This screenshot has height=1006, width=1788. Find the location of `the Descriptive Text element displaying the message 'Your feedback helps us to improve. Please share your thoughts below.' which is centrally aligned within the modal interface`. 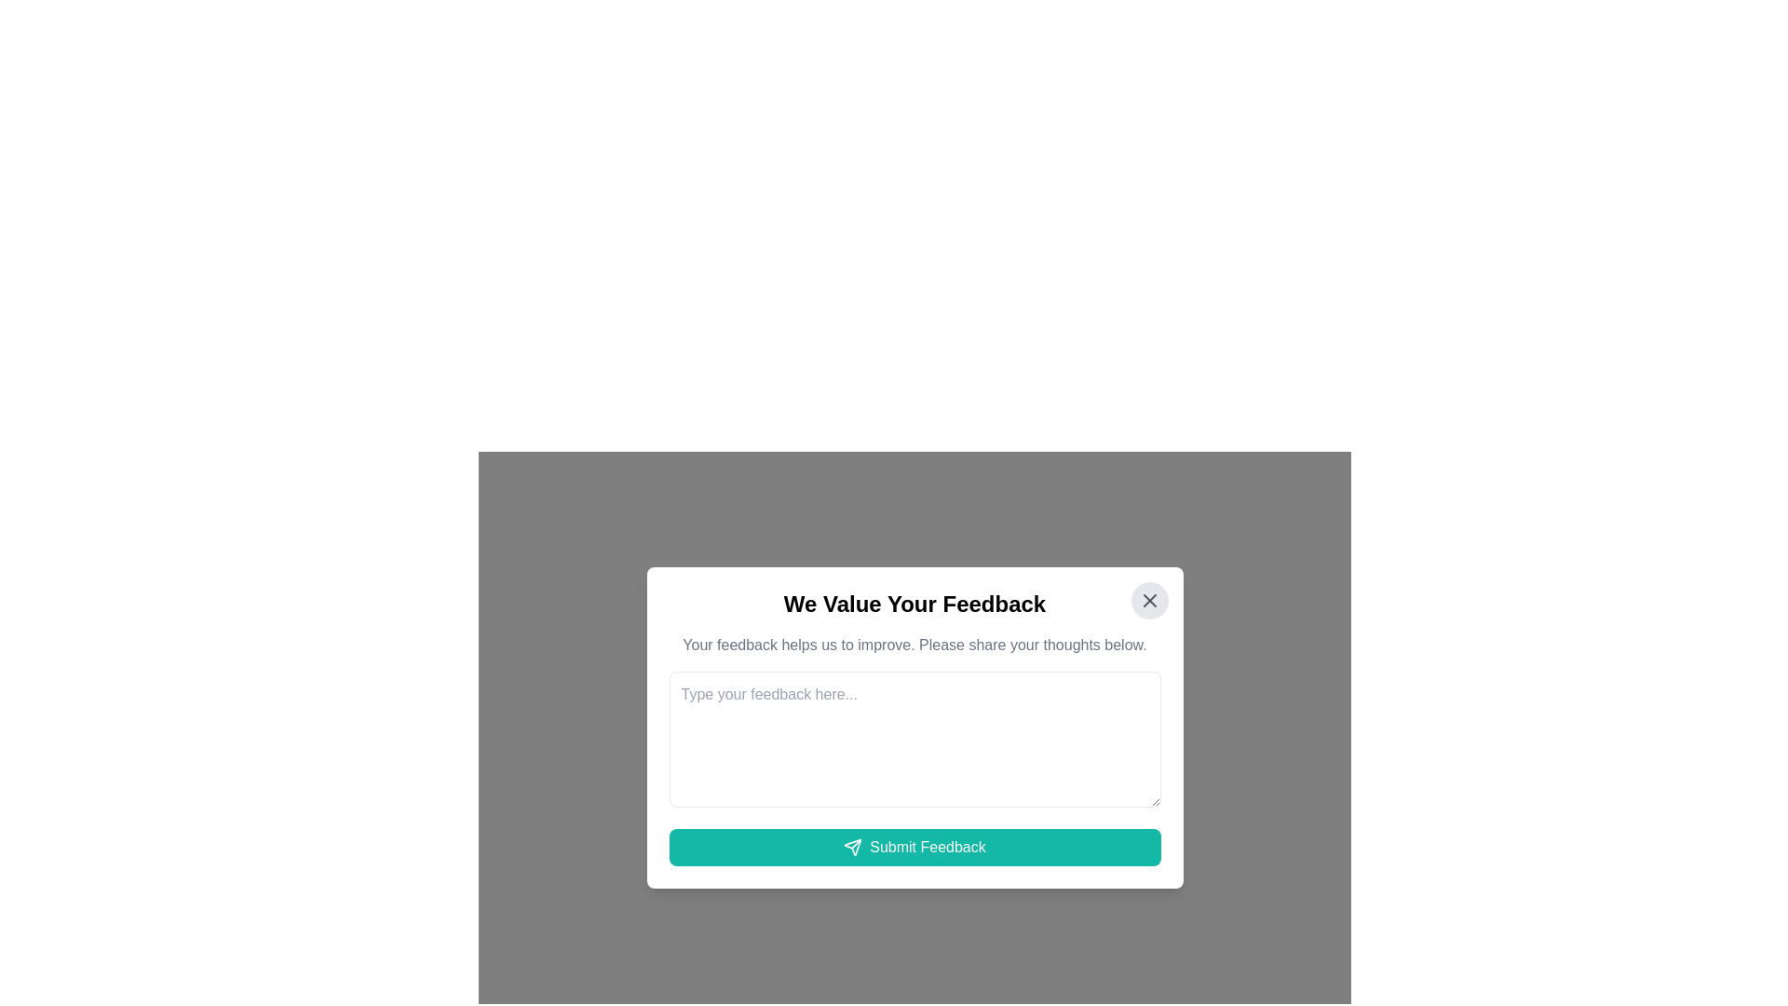

the Descriptive Text element displaying the message 'Your feedback helps us to improve. Please share your thoughts below.' which is centrally aligned within the modal interface is located at coordinates (914, 645).